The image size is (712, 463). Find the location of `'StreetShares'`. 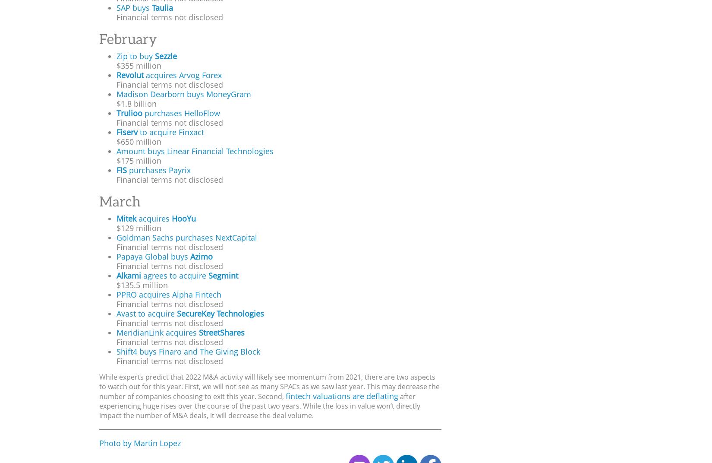

'StreetShares' is located at coordinates (198, 333).